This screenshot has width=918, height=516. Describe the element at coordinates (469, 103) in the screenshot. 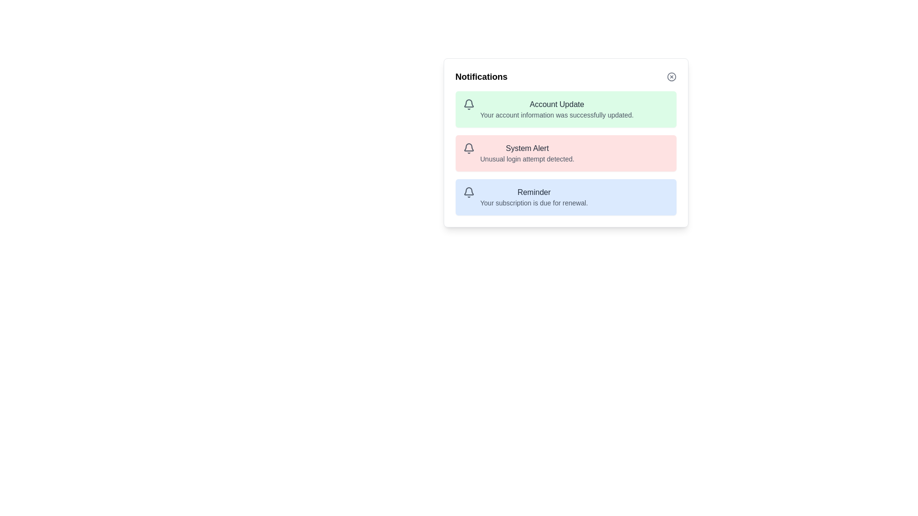

I see `the main body of the bell-shaped icon in the notification header located at the top-right corner of the notification card` at that location.